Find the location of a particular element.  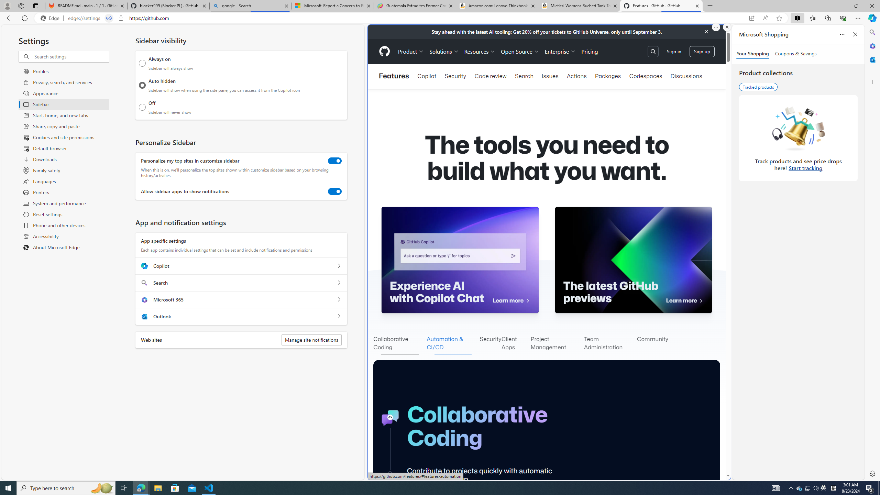

'Close split screen.' is located at coordinates (726, 27).